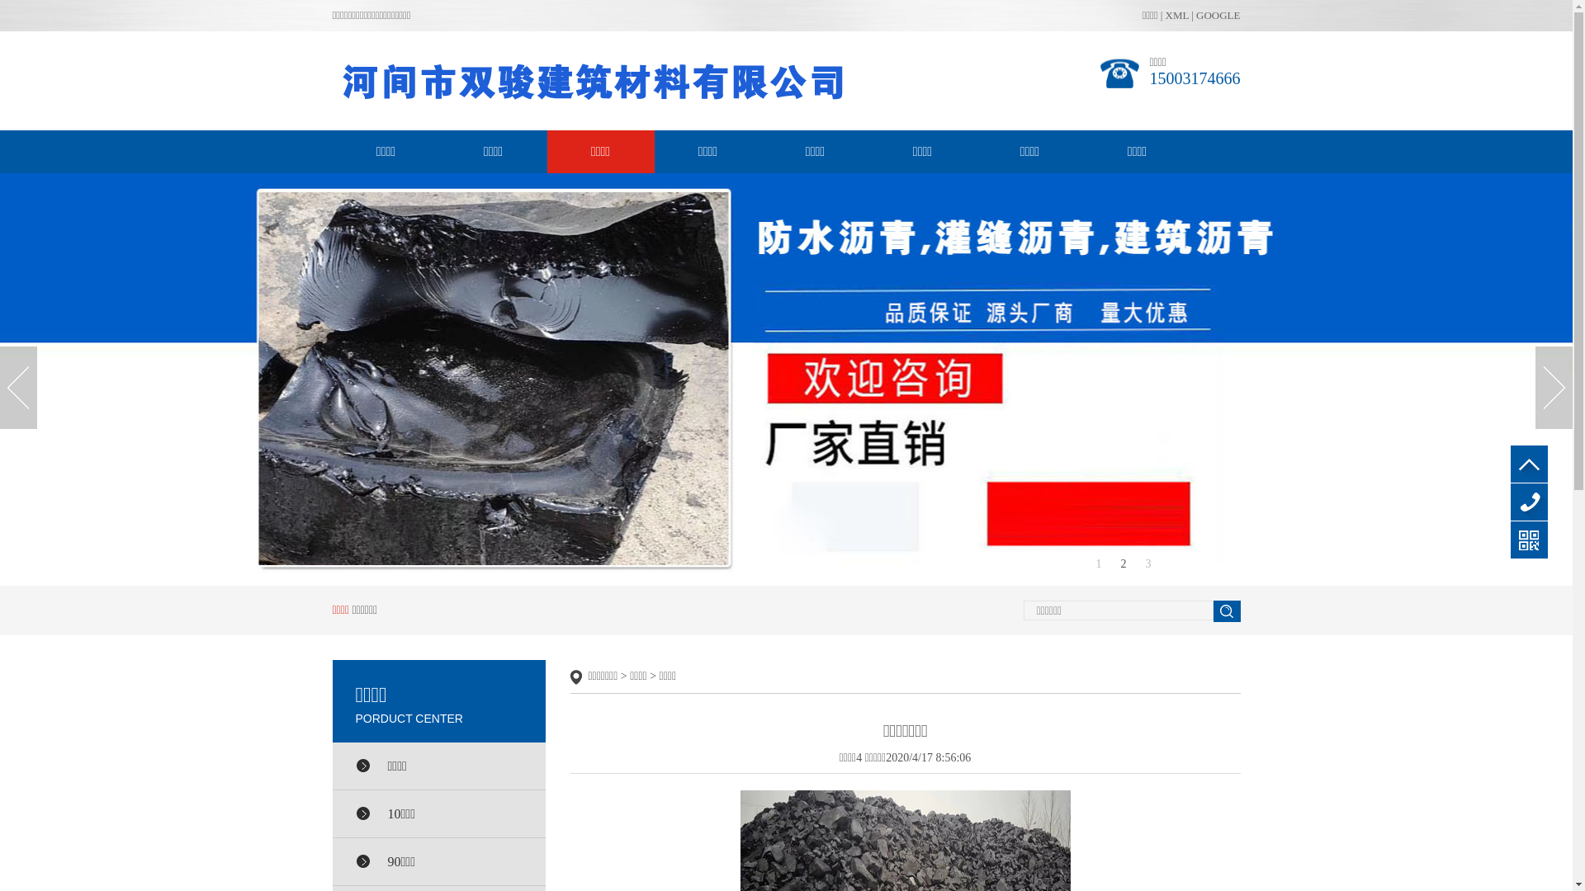 The width and height of the screenshot is (1585, 891). I want to click on 'GOOGLE', so click(1218, 15).